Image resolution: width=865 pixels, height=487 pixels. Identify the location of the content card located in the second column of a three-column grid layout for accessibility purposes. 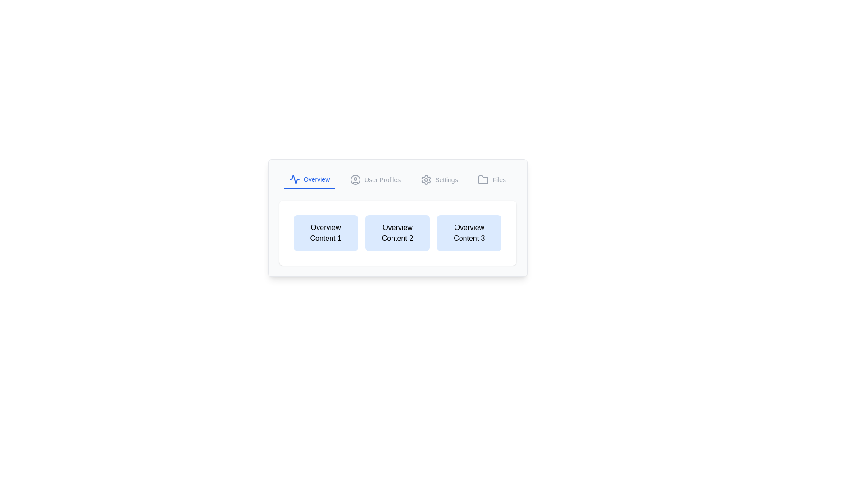
(397, 232).